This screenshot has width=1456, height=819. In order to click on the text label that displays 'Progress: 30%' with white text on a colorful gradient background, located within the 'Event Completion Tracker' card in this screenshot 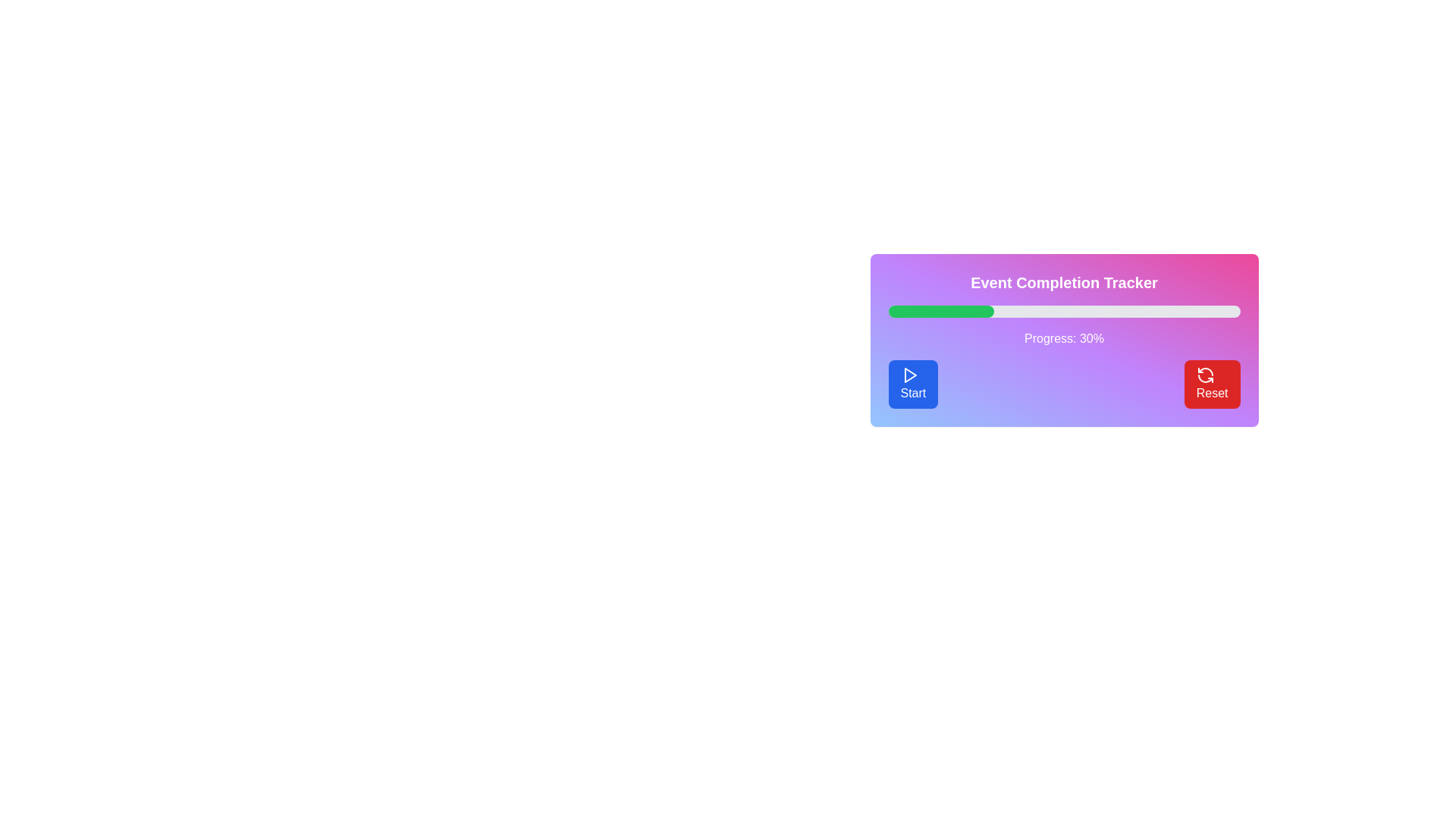, I will do `click(1063, 338)`.